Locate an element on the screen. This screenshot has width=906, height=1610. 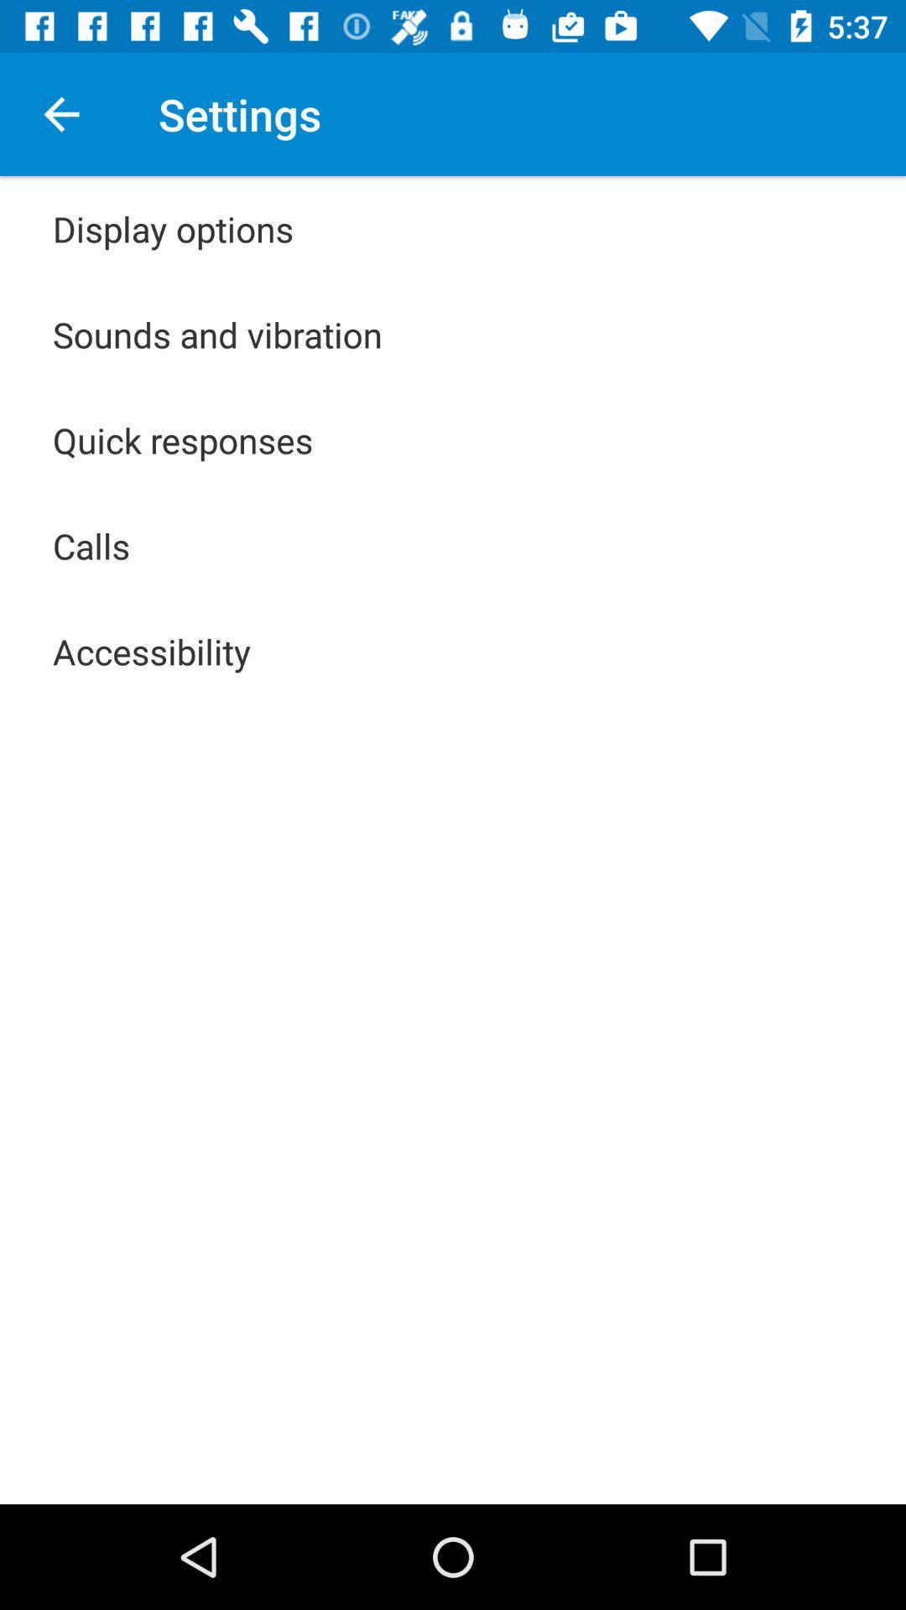
sounds and vibration icon is located at coordinates (216, 334).